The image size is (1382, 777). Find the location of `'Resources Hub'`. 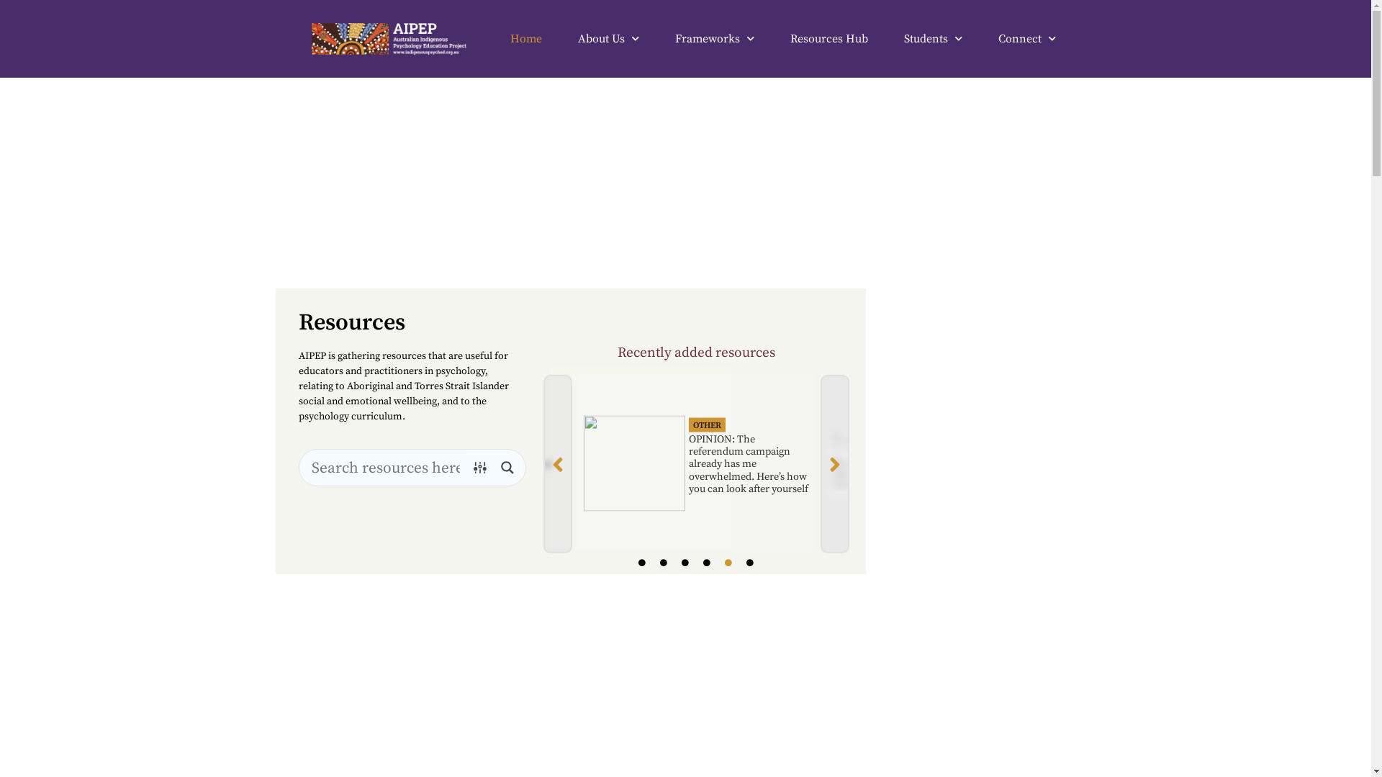

'Resources Hub' is located at coordinates (829, 38).